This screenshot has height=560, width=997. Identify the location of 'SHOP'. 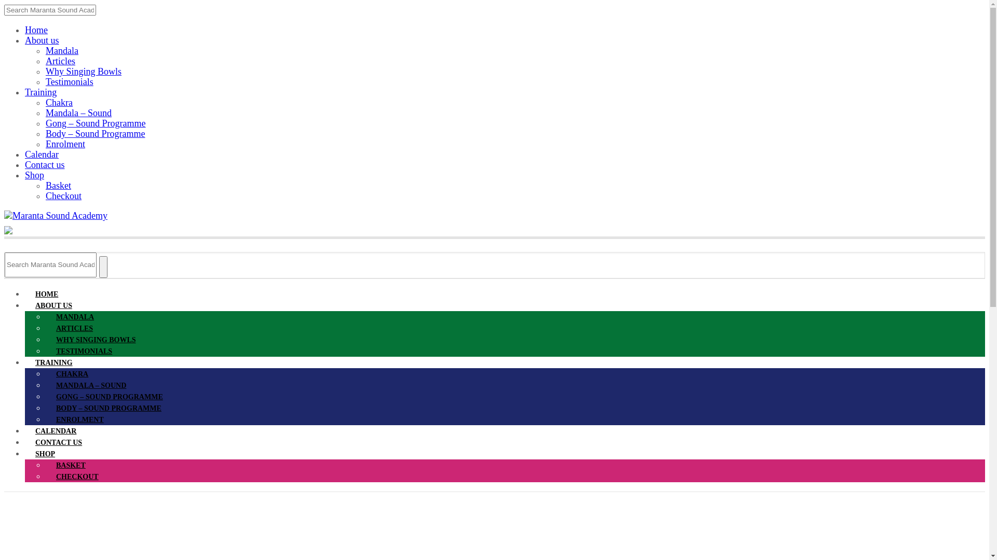
(25, 453).